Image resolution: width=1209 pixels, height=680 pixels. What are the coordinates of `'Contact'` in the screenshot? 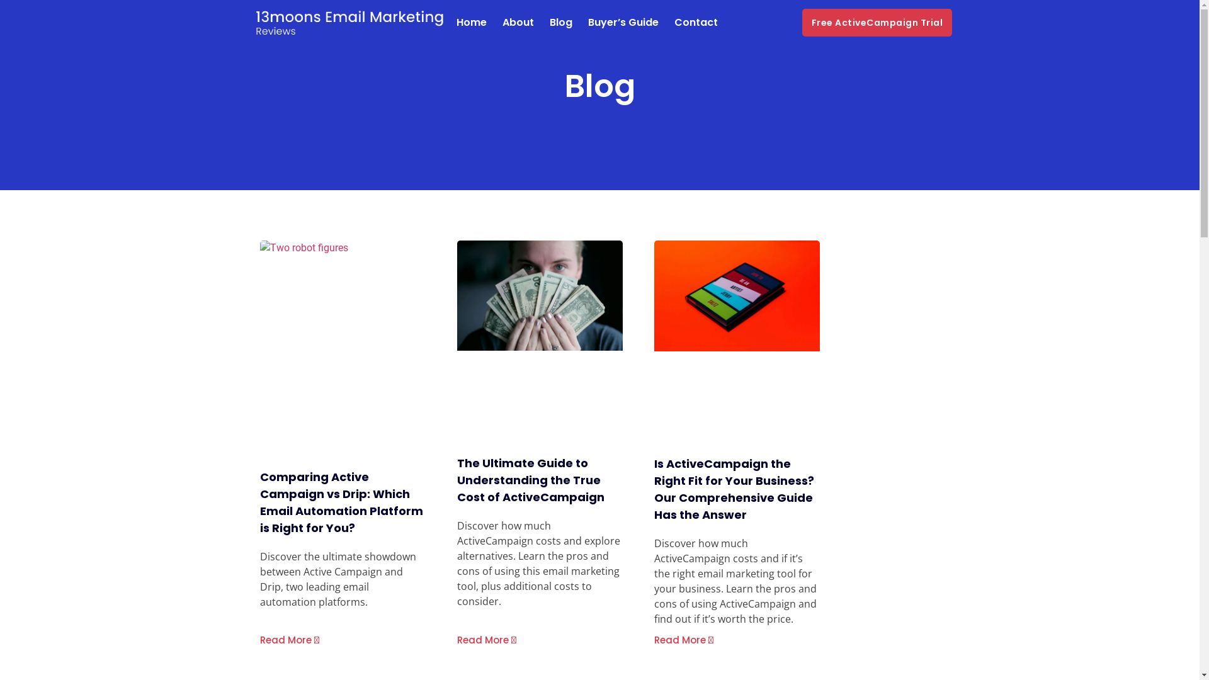 It's located at (695, 22).